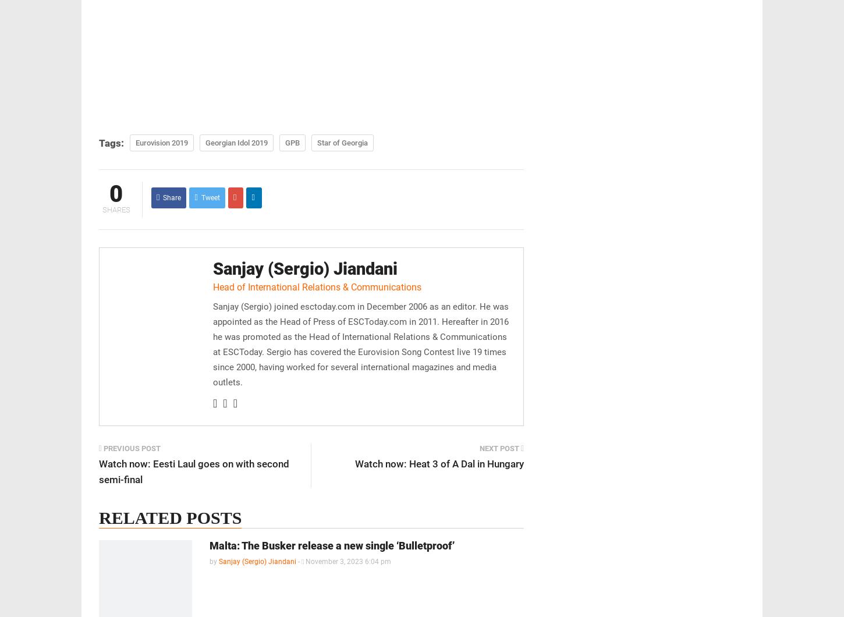 The width and height of the screenshot is (844, 617). What do you see at coordinates (299, 561) in the screenshot?
I see `'-'` at bounding box center [299, 561].